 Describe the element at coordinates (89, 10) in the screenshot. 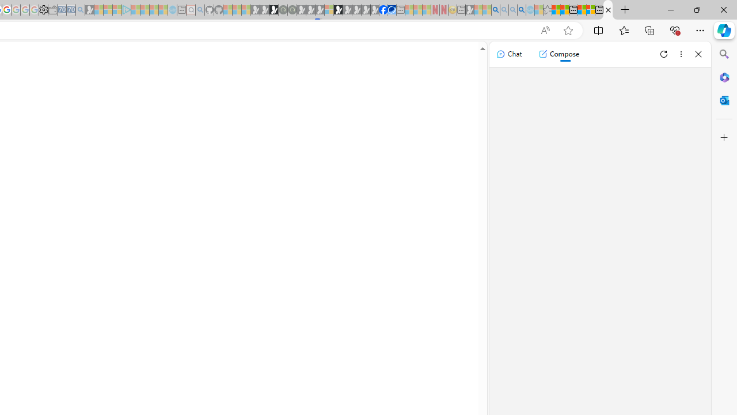

I see `'Microsoft Start Gaming - Sleeping'` at that location.